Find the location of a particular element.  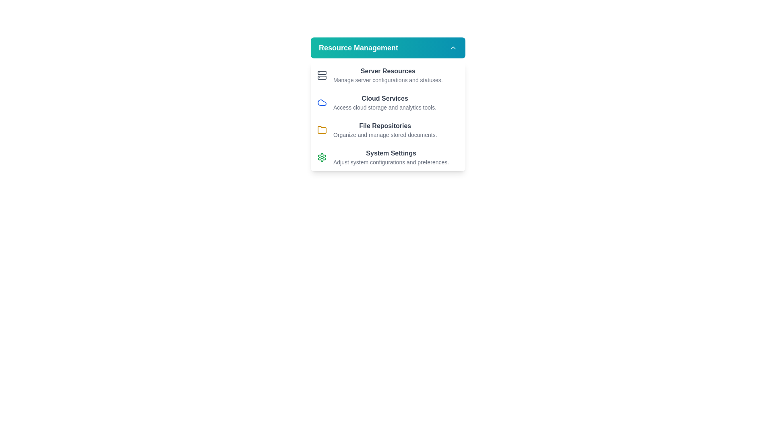

the 'File Repositories' icon located to the left of the 'File Repositories' label in the 'Resource Management' menu is located at coordinates (322, 129).